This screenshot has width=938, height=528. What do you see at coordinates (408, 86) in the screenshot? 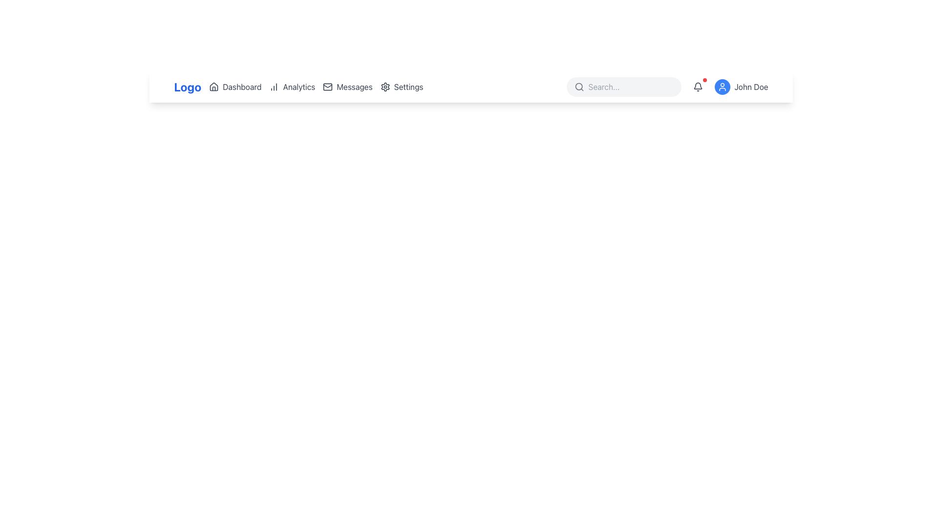
I see `the 'Settings' text label in the navigation bar, which is located to the right of the gear icon` at bounding box center [408, 86].